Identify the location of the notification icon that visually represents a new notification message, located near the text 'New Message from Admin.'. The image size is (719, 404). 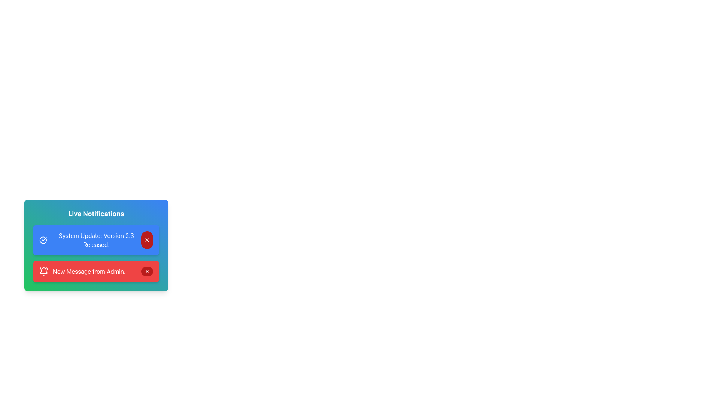
(43, 270).